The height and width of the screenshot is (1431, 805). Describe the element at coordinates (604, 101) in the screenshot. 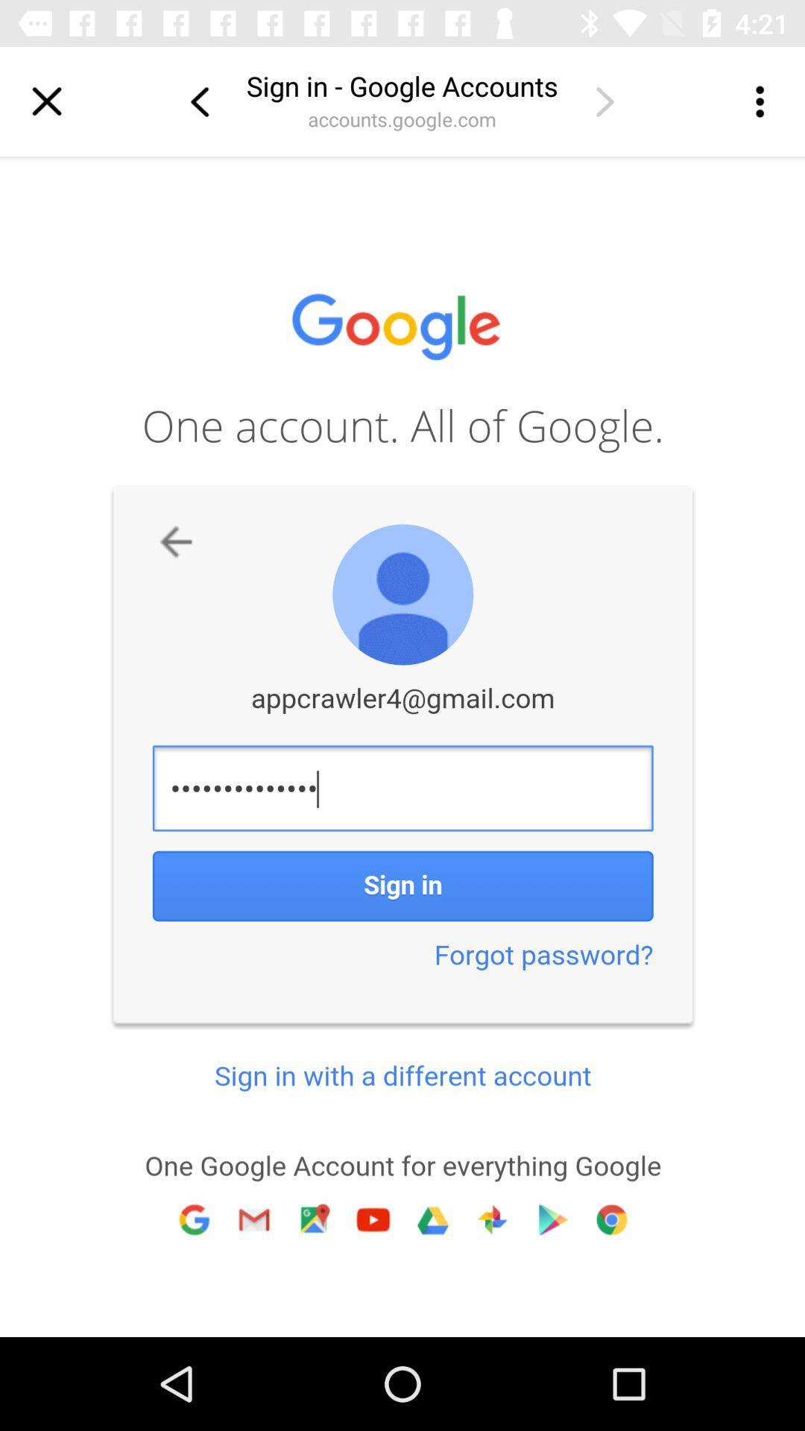

I see `check your account` at that location.